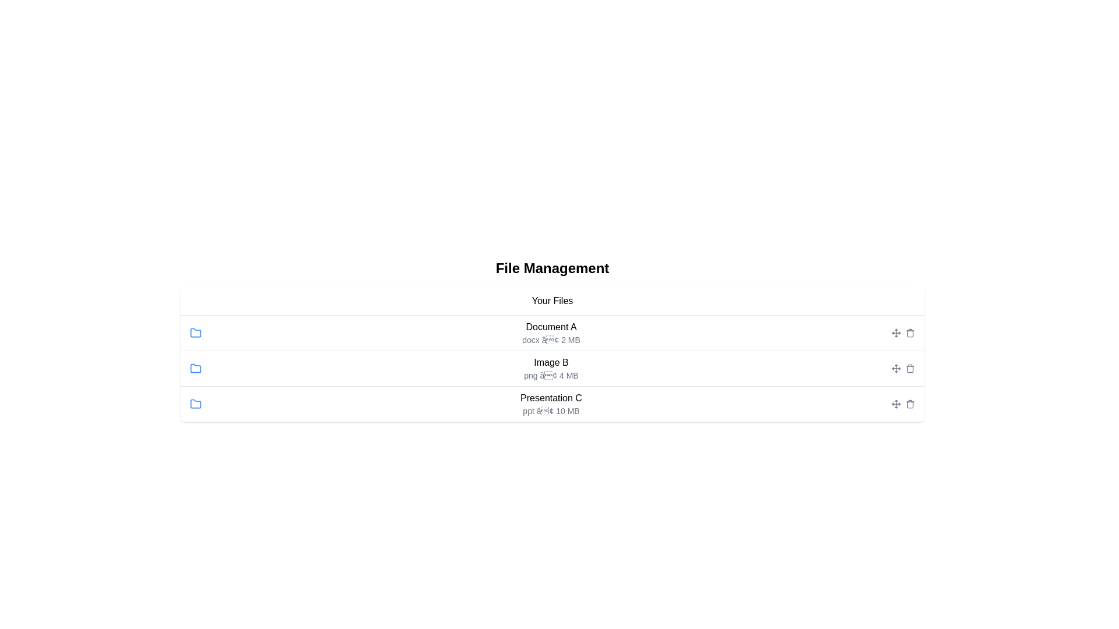 The width and height of the screenshot is (1119, 629). I want to click on the small gray icon button resembling a directional move marker located in the file management section, so click(895, 368).